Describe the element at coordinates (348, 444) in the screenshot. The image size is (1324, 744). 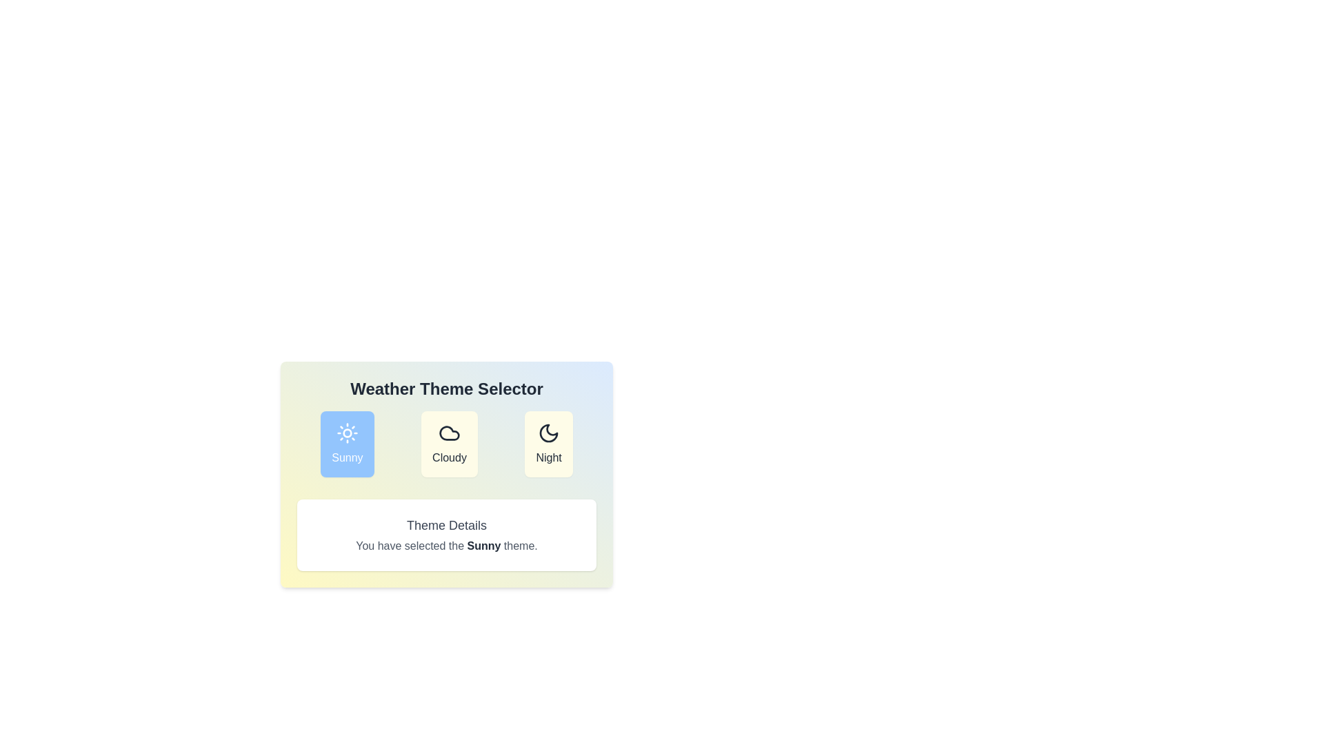
I see `the button corresponding to the selected theme: Sunny` at that location.